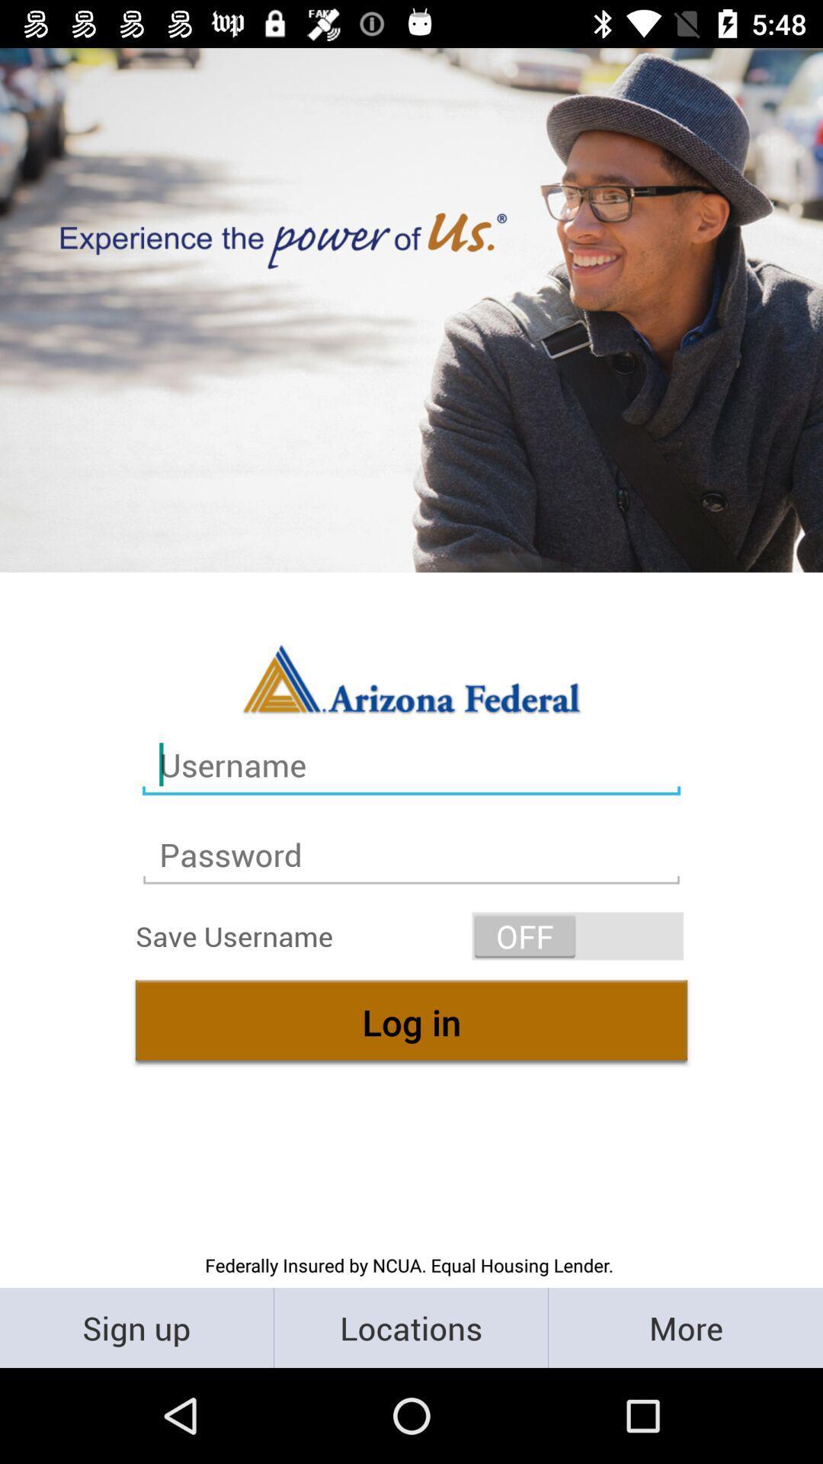 This screenshot has height=1464, width=823. Describe the element at coordinates (411, 677) in the screenshot. I see `arizona fedral` at that location.